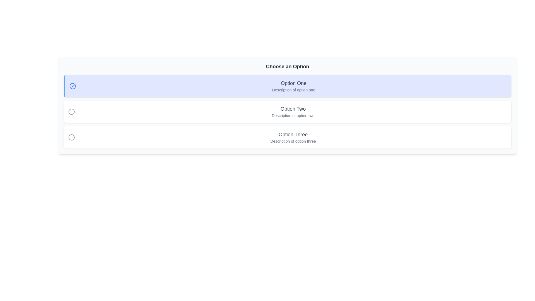 The image size is (535, 301). Describe the element at coordinates (293, 112) in the screenshot. I see `the text block containing the title 'Option Two' and description 'Description of option two' to emphasize highlighting` at that location.